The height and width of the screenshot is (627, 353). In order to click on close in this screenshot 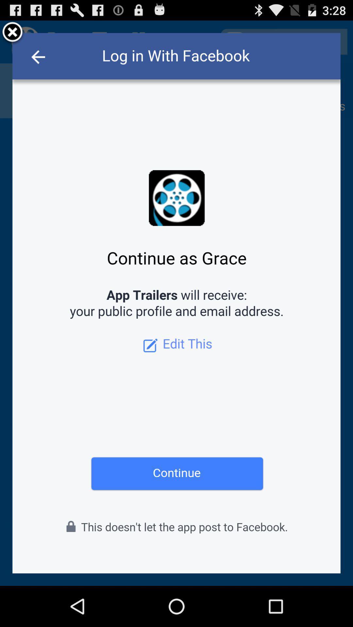, I will do `click(12, 33)`.